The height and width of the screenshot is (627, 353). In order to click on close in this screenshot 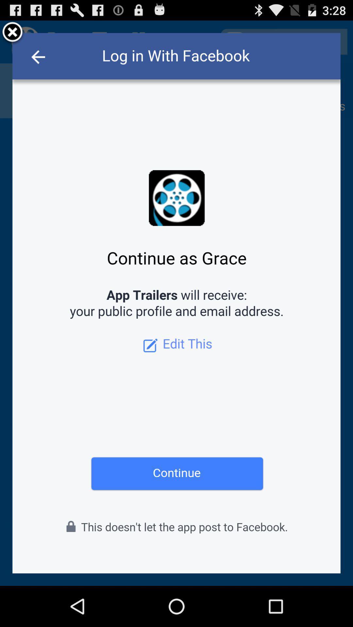, I will do `click(12, 33)`.